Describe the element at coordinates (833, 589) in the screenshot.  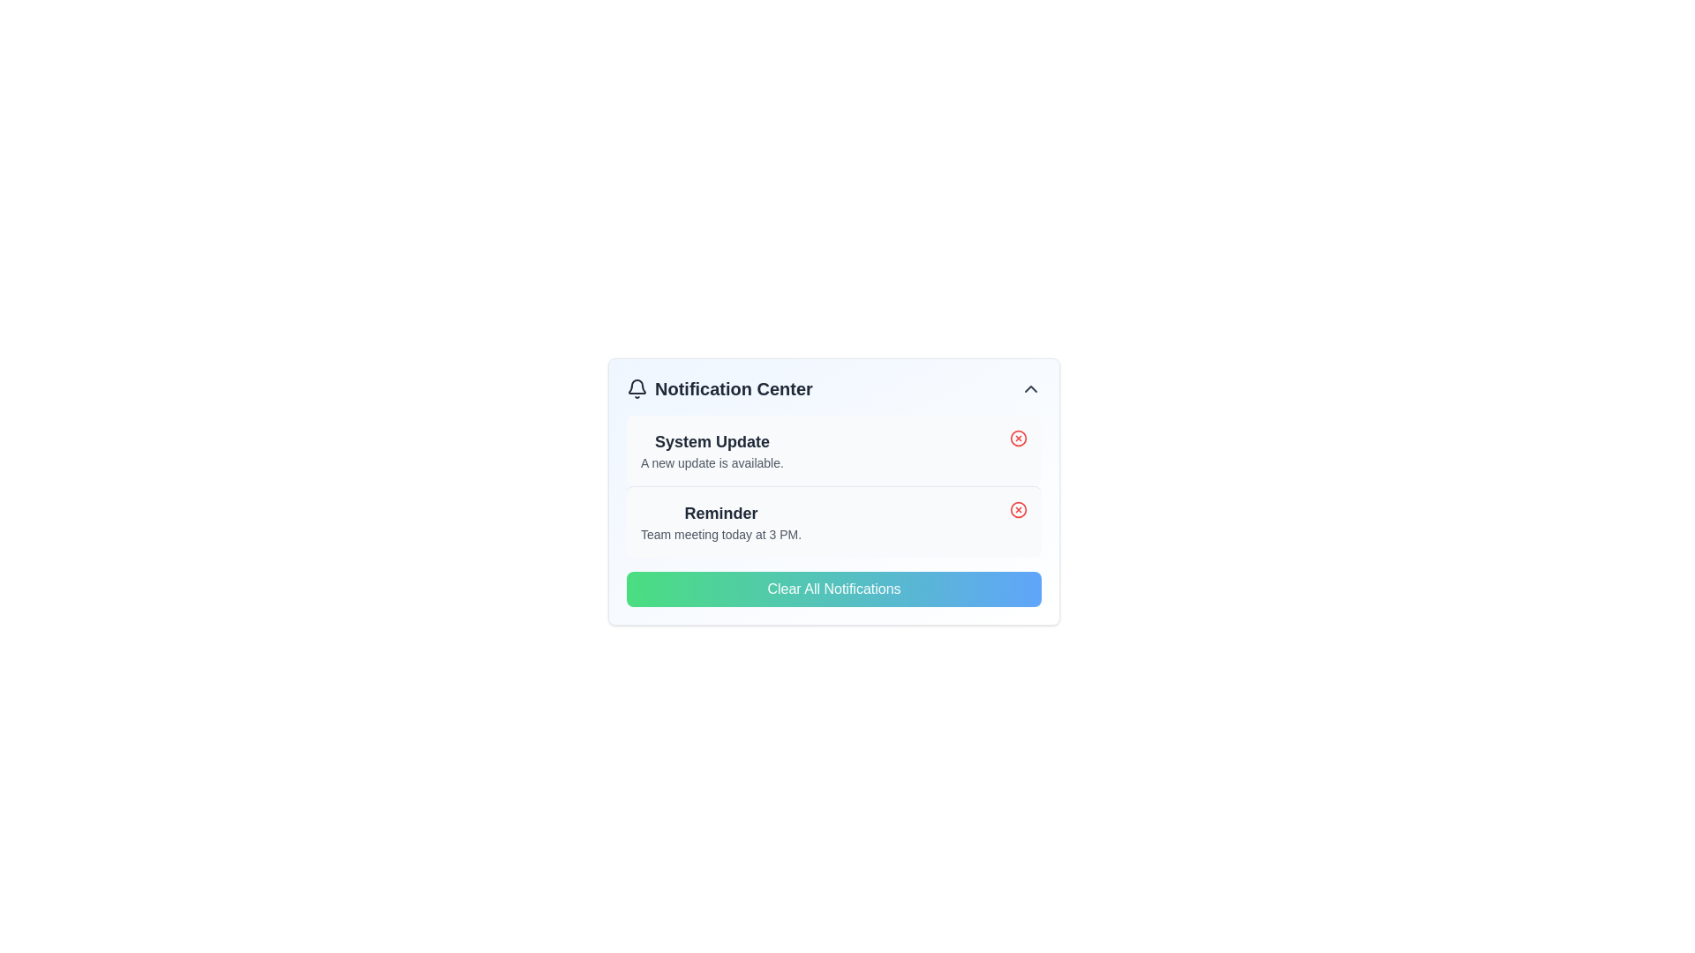
I see `the 'Clear Notifications' button located at the bottom of the 'Notification Center' to provide visual feedback` at that location.